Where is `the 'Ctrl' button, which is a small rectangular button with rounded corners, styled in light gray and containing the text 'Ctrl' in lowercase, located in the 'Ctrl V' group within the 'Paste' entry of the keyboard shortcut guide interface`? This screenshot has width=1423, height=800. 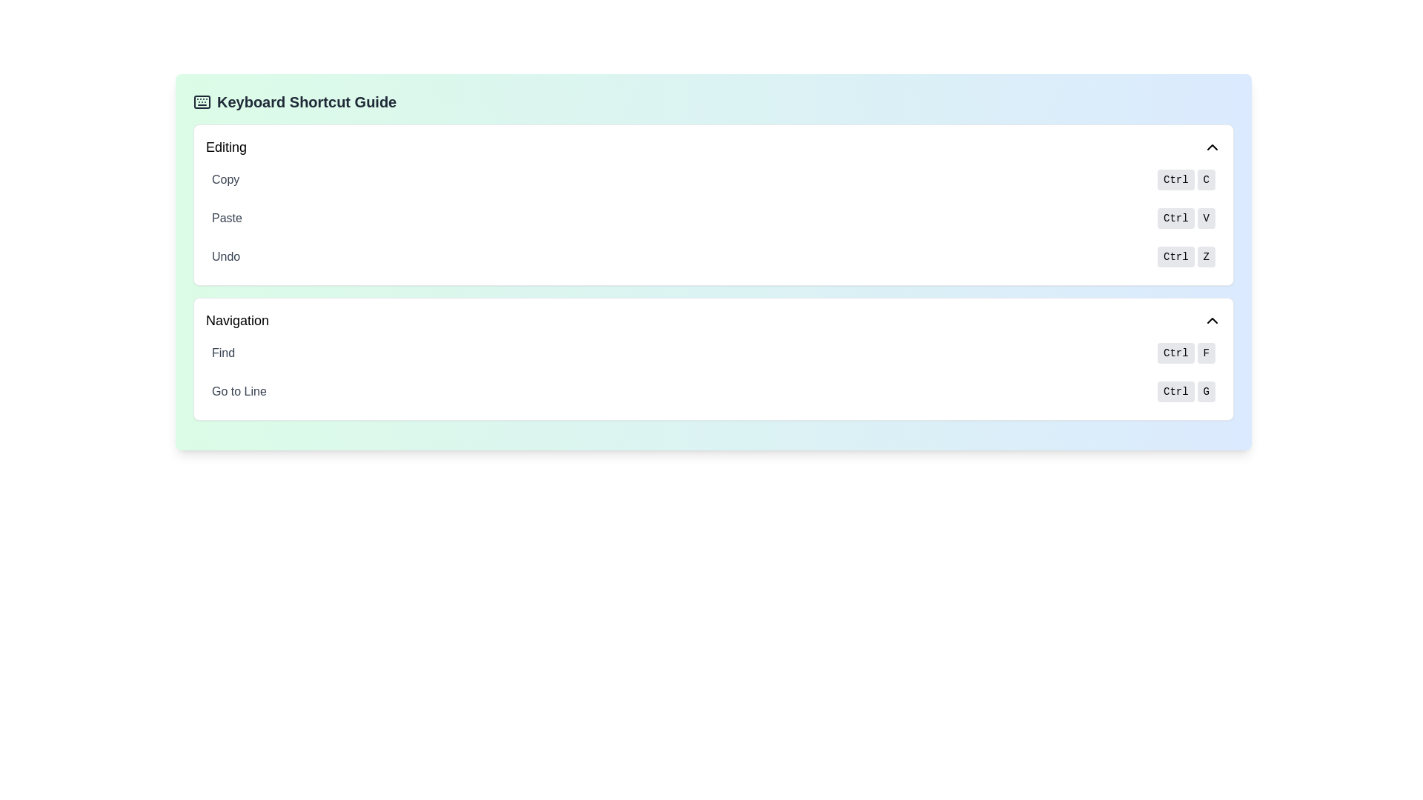
the 'Ctrl' button, which is a small rectangular button with rounded corners, styled in light gray and containing the text 'Ctrl' in lowercase, located in the 'Ctrl V' group within the 'Paste' entry of the keyboard shortcut guide interface is located at coordinates (1175, 218).